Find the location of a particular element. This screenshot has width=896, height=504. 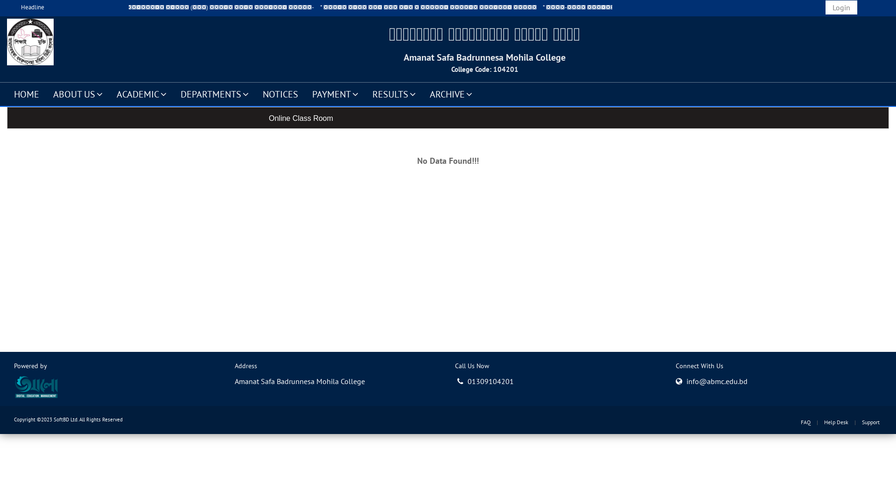

'HOME' is located at coordinates (27, 93).